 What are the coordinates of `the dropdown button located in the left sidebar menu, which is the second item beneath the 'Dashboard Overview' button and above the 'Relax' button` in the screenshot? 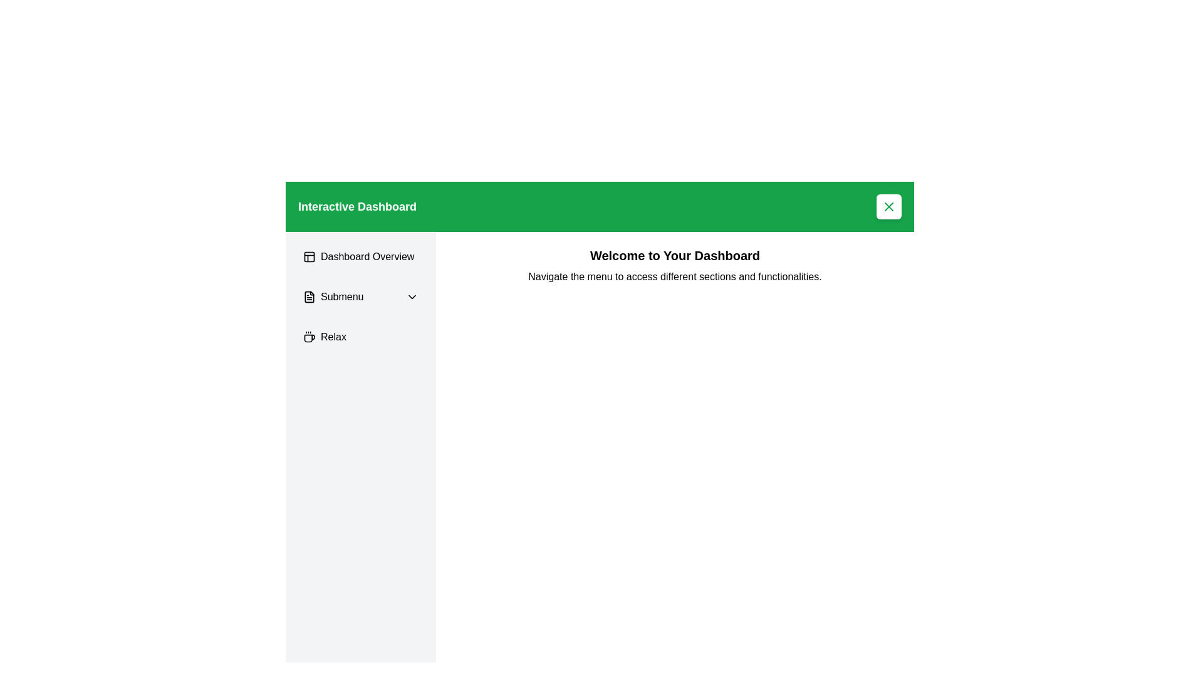 It's located at (360, 297).